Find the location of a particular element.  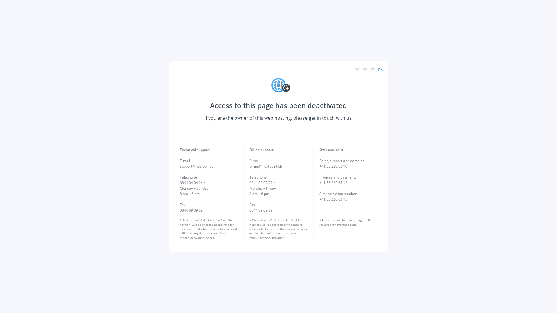

'support@hostpoint.ch' is located at coordinates (198, 166).